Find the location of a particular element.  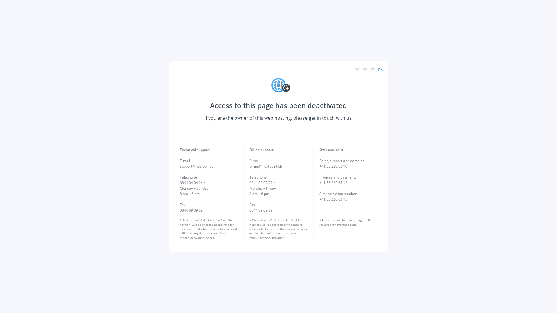

'support@hostpoint.ch' is located at coordinates (198, 166).